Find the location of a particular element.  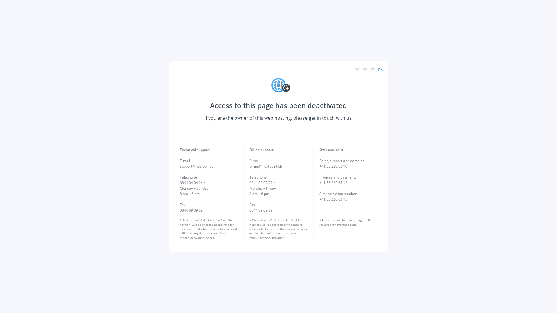

'support@hostpoint.ch' is located at coordinates (198, 166).